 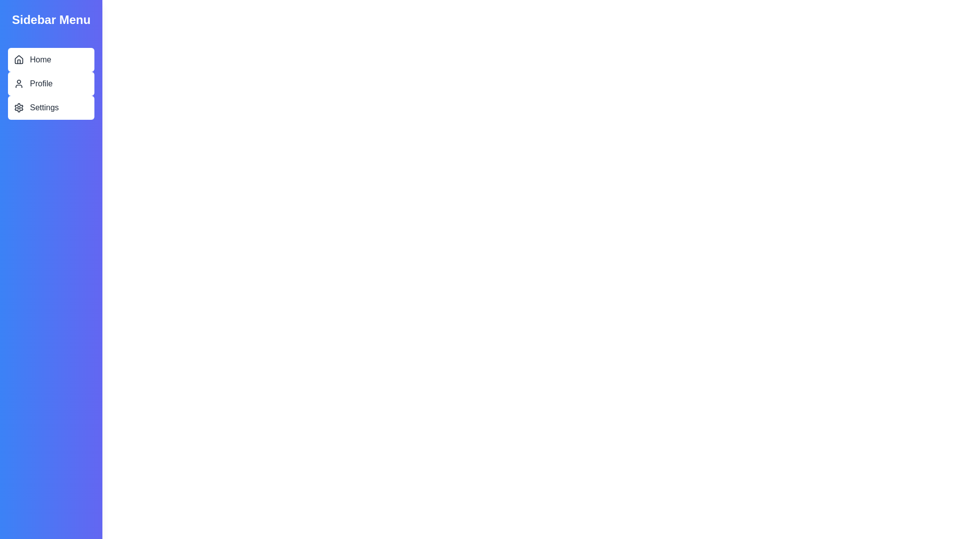 I want to click on the profile icon located in the sidebar menu, situated between the 'Home' and 'Settings' buttons, as part of the 'Profile' menu item, so click(x=19, y=83).